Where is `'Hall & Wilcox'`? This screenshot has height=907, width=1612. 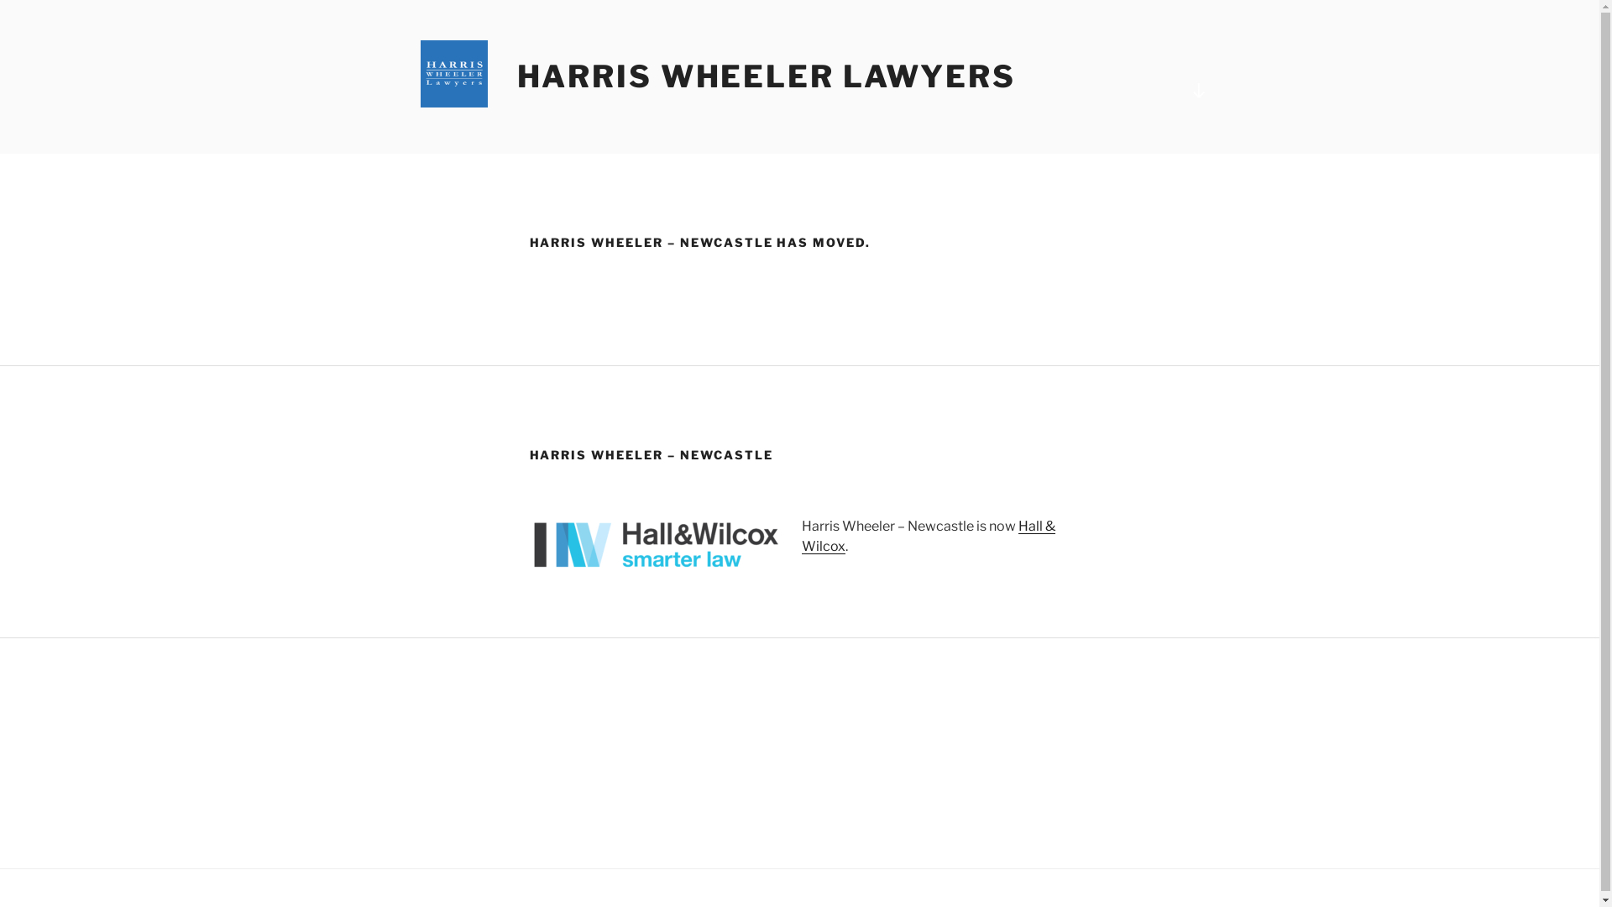
'Hall & Wilcox' is located at coordinates (926, 536).